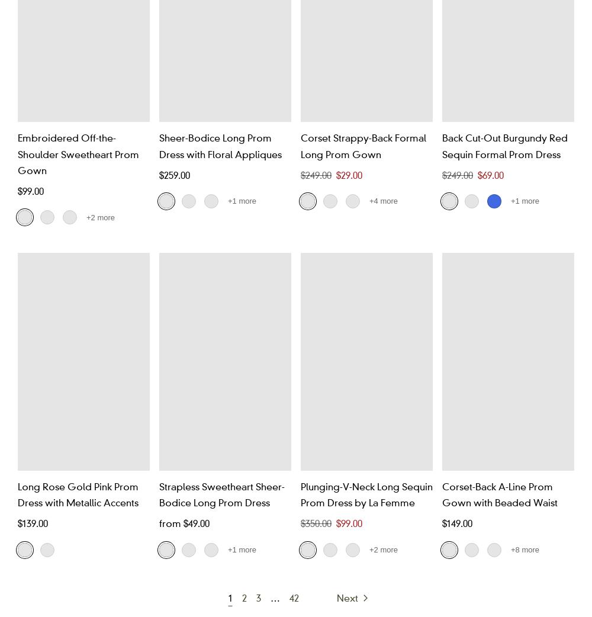 This screenshot has width=592, height=617. What do you see at coordinates (174, 435) in the screenshot?
I see `'Mocha'` at bounding box center [174, 435].